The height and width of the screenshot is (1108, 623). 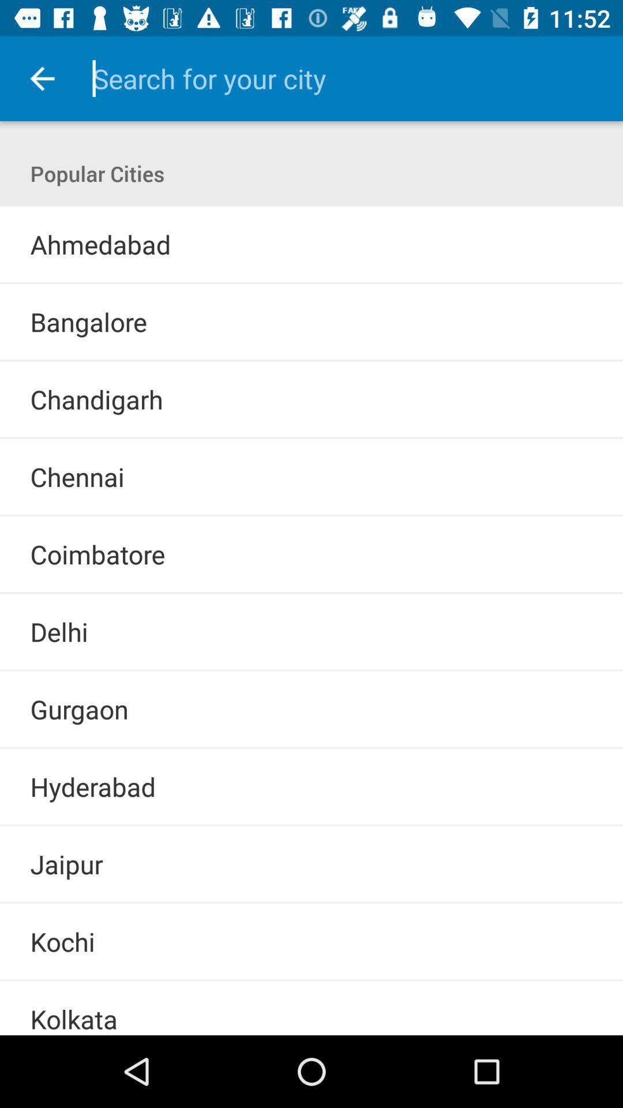 I want to click on the coimbatore icon, so click(x=97, y=554).